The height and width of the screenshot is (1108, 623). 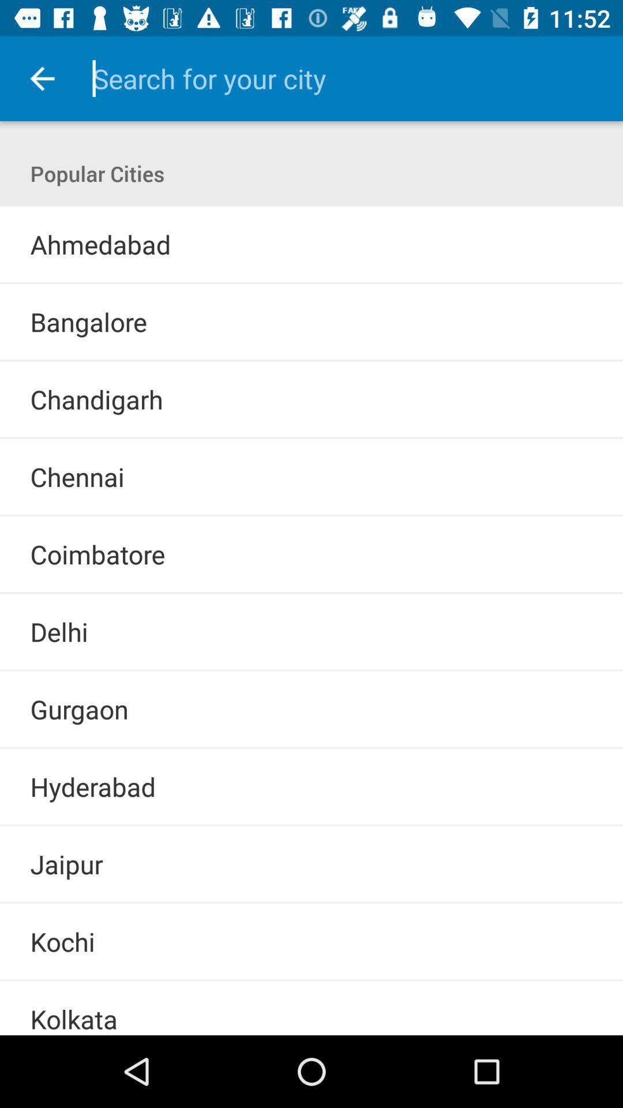 I want to click on the coimbatore icon, so click(x=97, y=554).